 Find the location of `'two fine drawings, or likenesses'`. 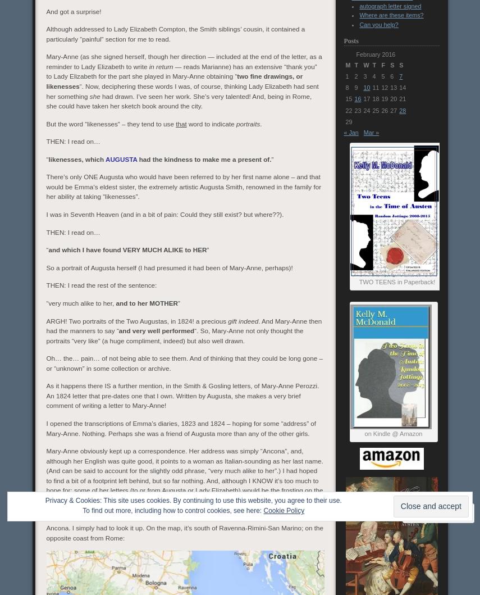

'two fine drawings, or likenesses' is located at coordinates (173, 80).